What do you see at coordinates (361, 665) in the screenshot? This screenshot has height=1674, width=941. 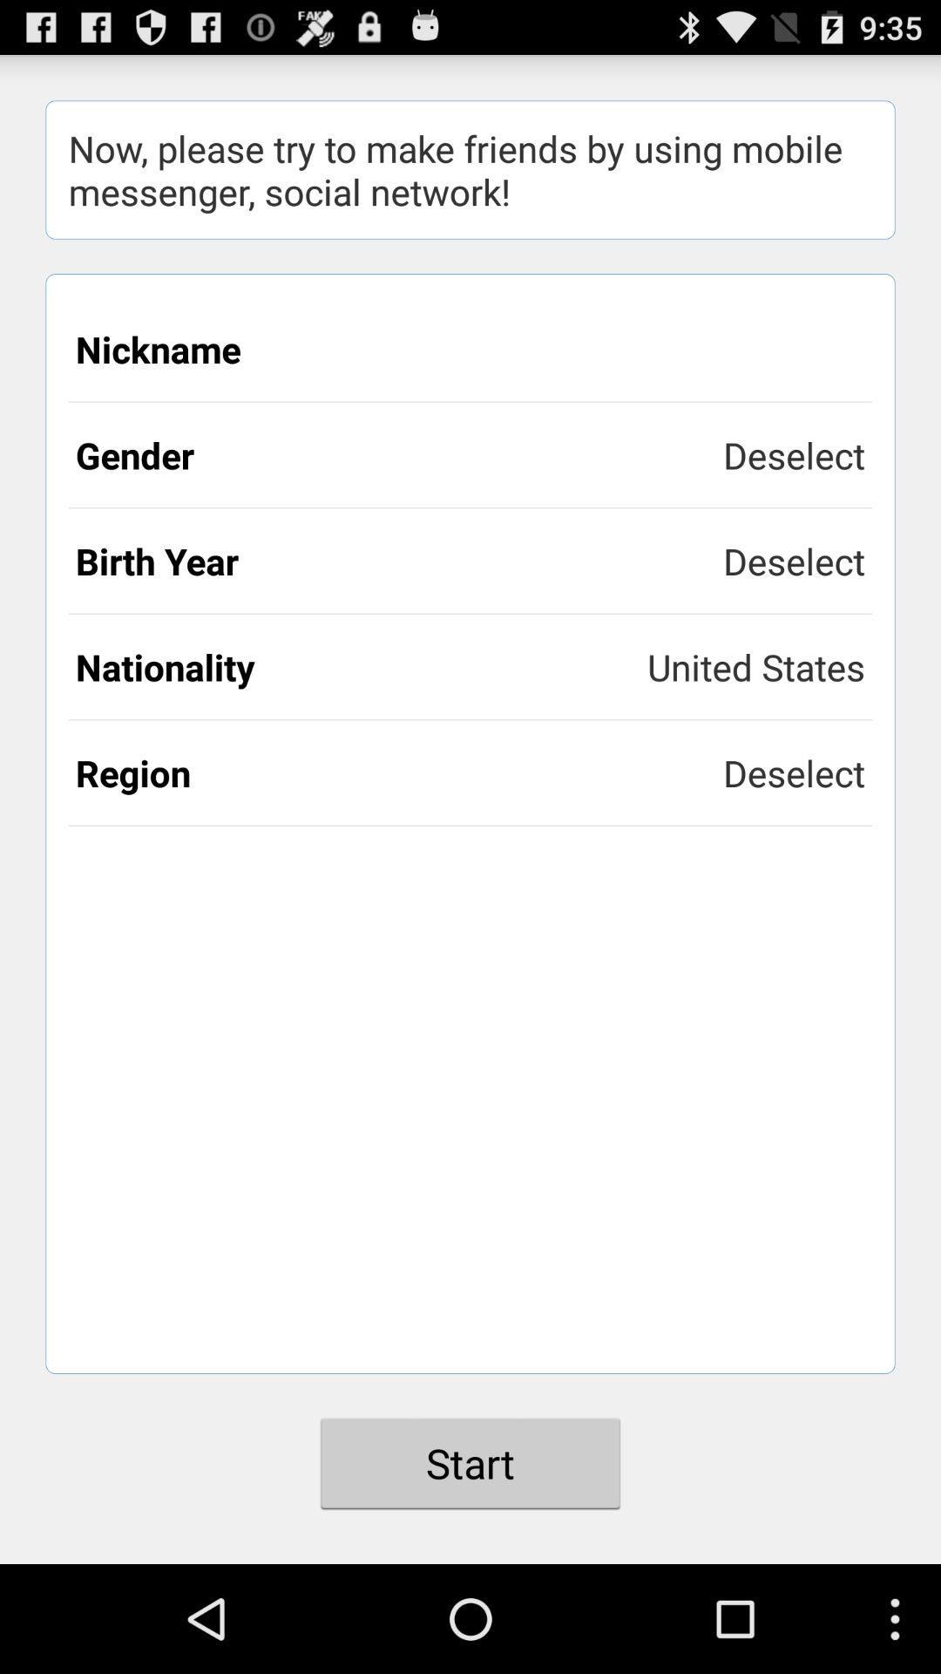 I see `the item to the left of united states app` at bounding box center [361, 665].